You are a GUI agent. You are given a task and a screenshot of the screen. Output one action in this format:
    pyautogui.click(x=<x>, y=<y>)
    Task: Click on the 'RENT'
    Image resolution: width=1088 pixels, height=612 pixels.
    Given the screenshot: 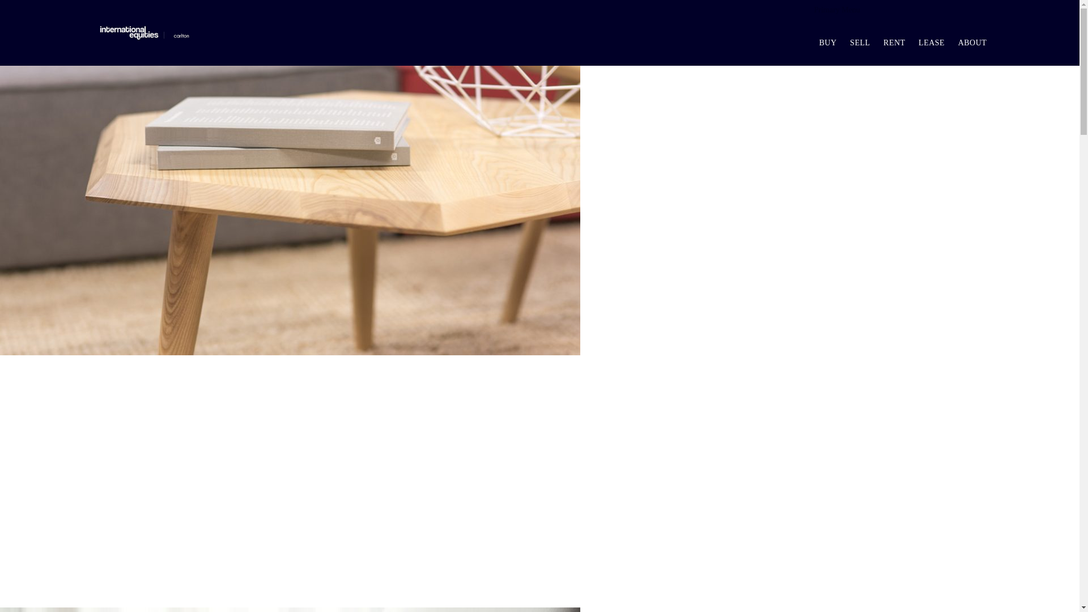 What is the action you would take?
    pyautogui.click(x=894, y=42)
    